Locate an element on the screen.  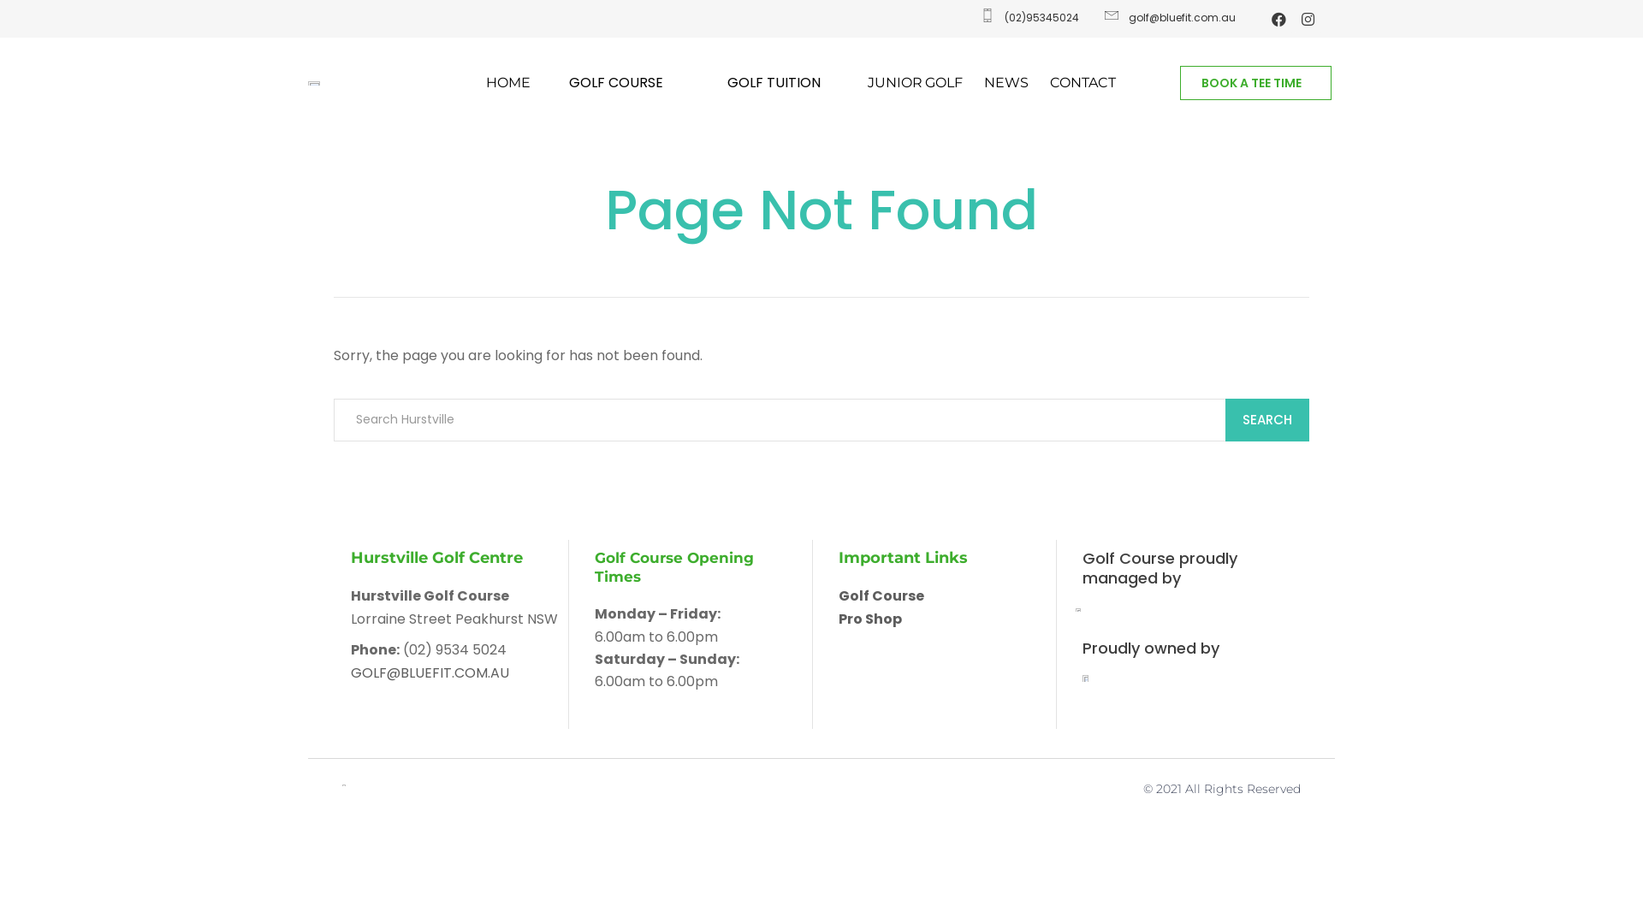
'(02)95345024' is located at coordinates (1027, 17).